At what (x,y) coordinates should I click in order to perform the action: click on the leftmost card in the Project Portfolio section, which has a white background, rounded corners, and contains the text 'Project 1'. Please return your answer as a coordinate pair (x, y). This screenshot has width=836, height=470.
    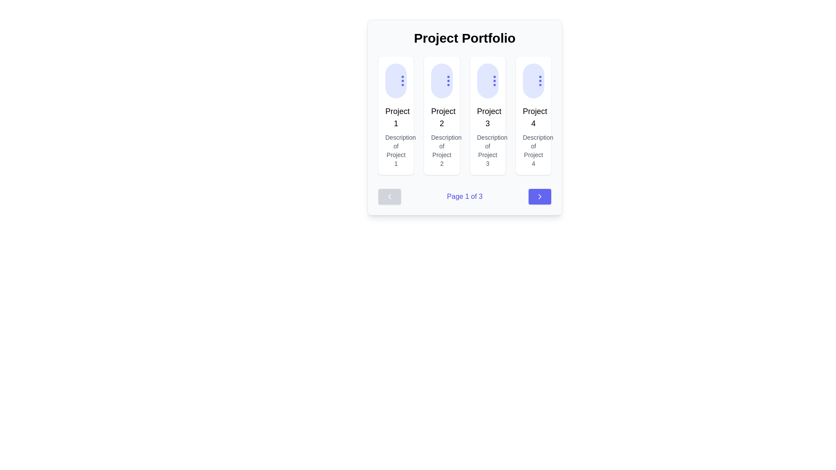
    Looking at the image, I should click on (395, 115).